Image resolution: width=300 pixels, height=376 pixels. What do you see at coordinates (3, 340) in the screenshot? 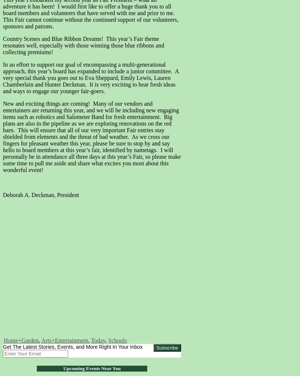
I see `'Home+Garden'` at bounding box center [3, 340].